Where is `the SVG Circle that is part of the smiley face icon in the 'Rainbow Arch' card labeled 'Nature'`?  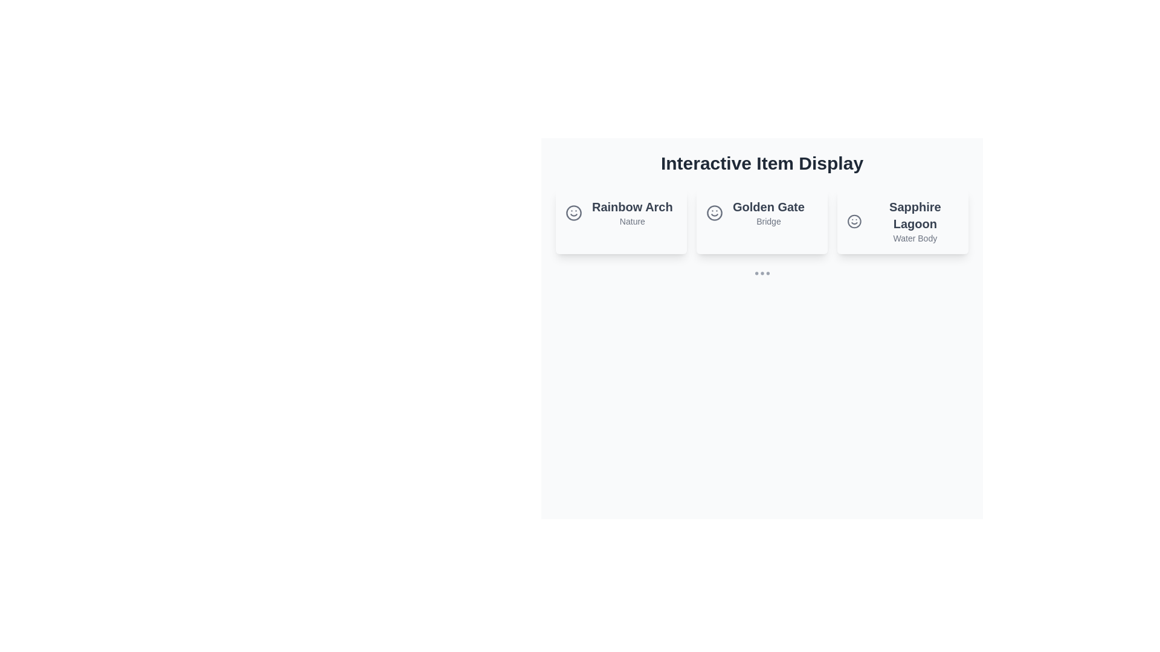
the SVG Circle that is part of the smiley face icon in the 'Rainbow Arch' card labeled 'Nature' is located at coordinates (573, 213).